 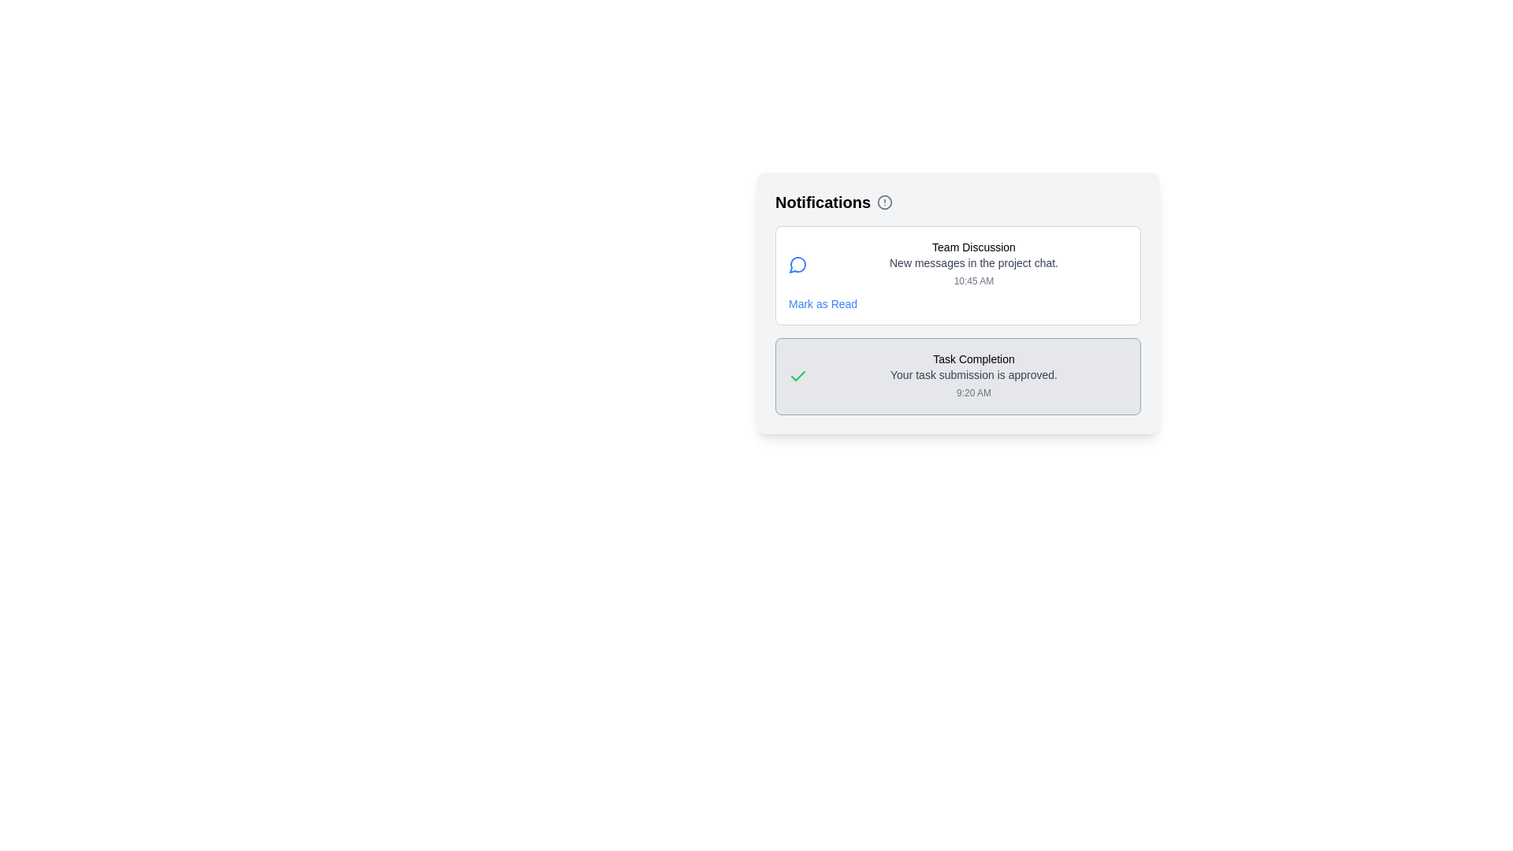 What do you see at coordinates (973, 263) in the screenshot?
I see `the first notification in the notification area` at bounding box center [973, 263].